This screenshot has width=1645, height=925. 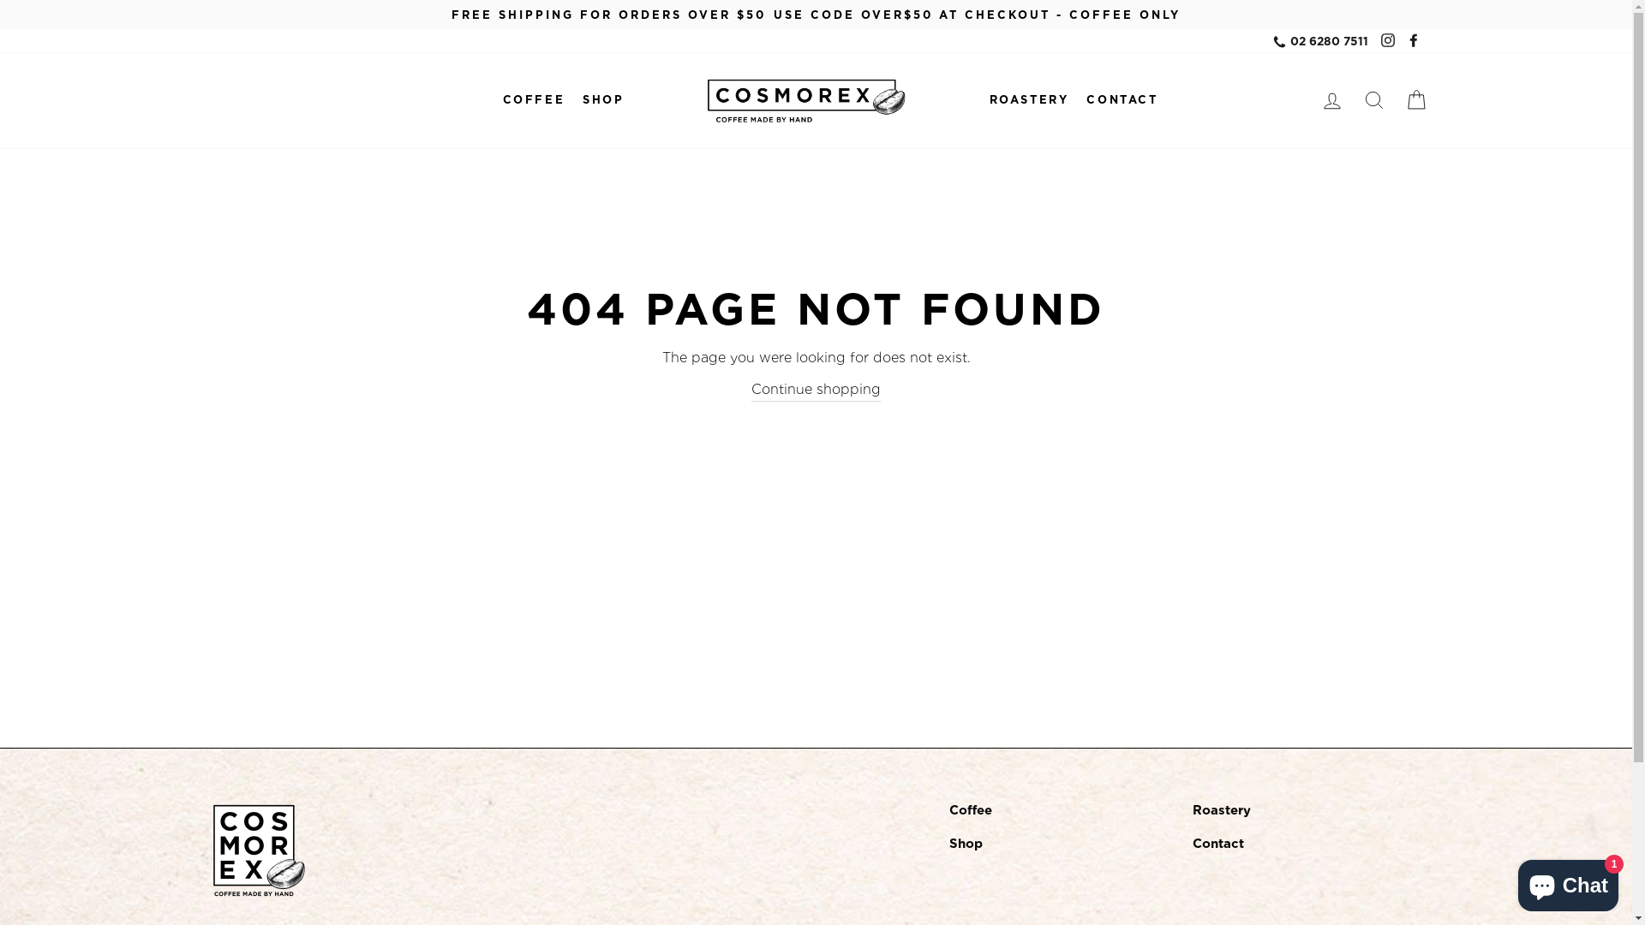 What do you see at coordinates (1373, 100) in the screenshot?
I see `'SEARCH'` at bounding box center [1373, 100].